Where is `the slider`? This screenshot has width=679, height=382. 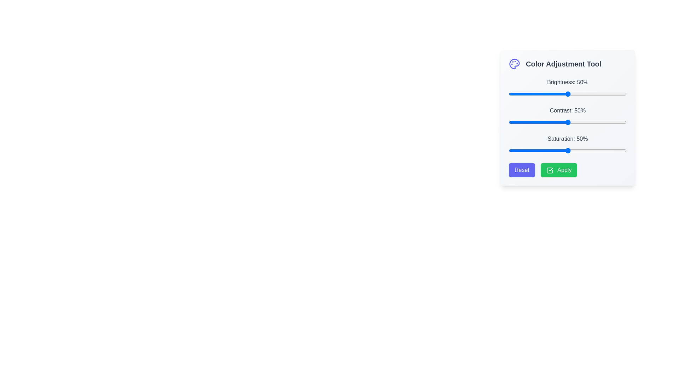 the slider is located at coordinates (585, 150).